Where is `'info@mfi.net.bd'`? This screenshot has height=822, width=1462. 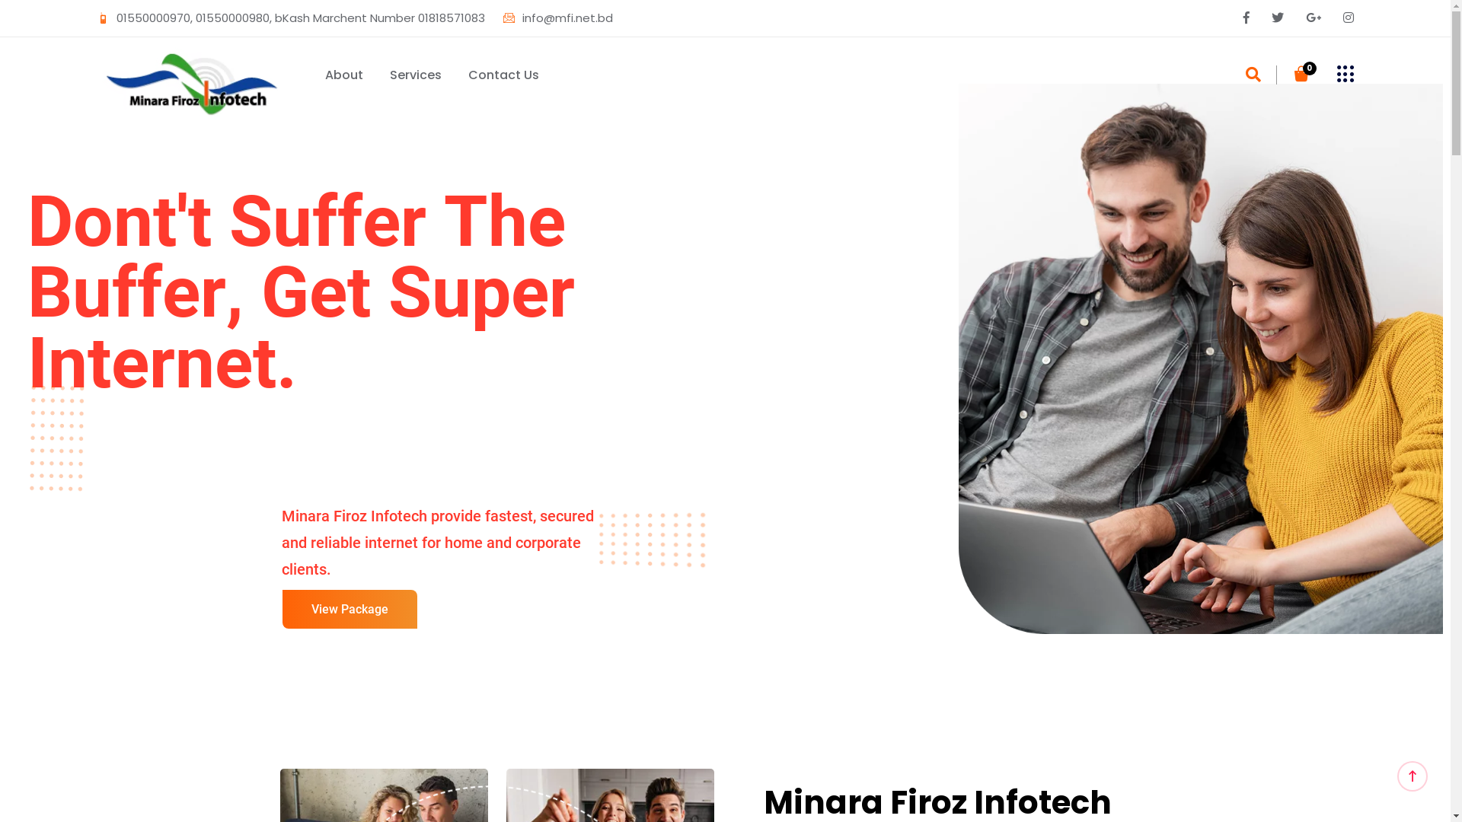 'info@mfi.net.bd' is located at coordinates (556, 18).